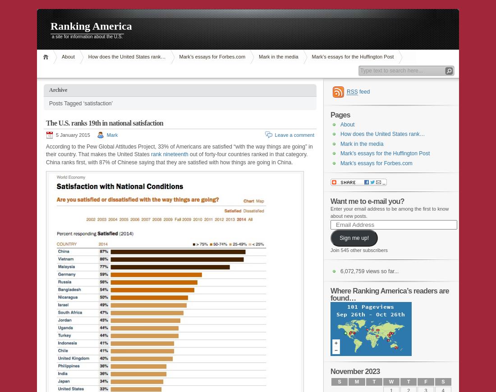 The width and height of the screenshot is (496, 392). I want to click on 'The U.S. ranks 19th in national satisfaction', so click(104, 123).